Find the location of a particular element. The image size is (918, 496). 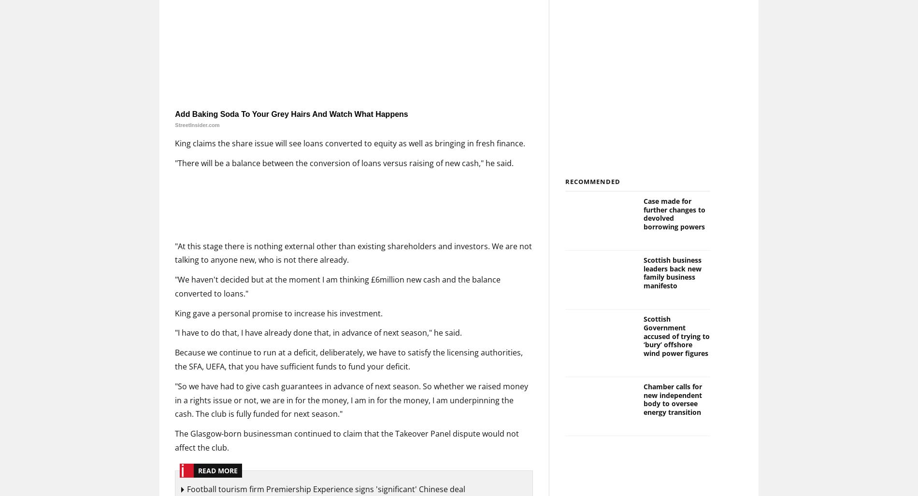

'King claims the share issue will see loans converted to equity as well as bringing in fresh finance.' is located at coordinates (349, 143).